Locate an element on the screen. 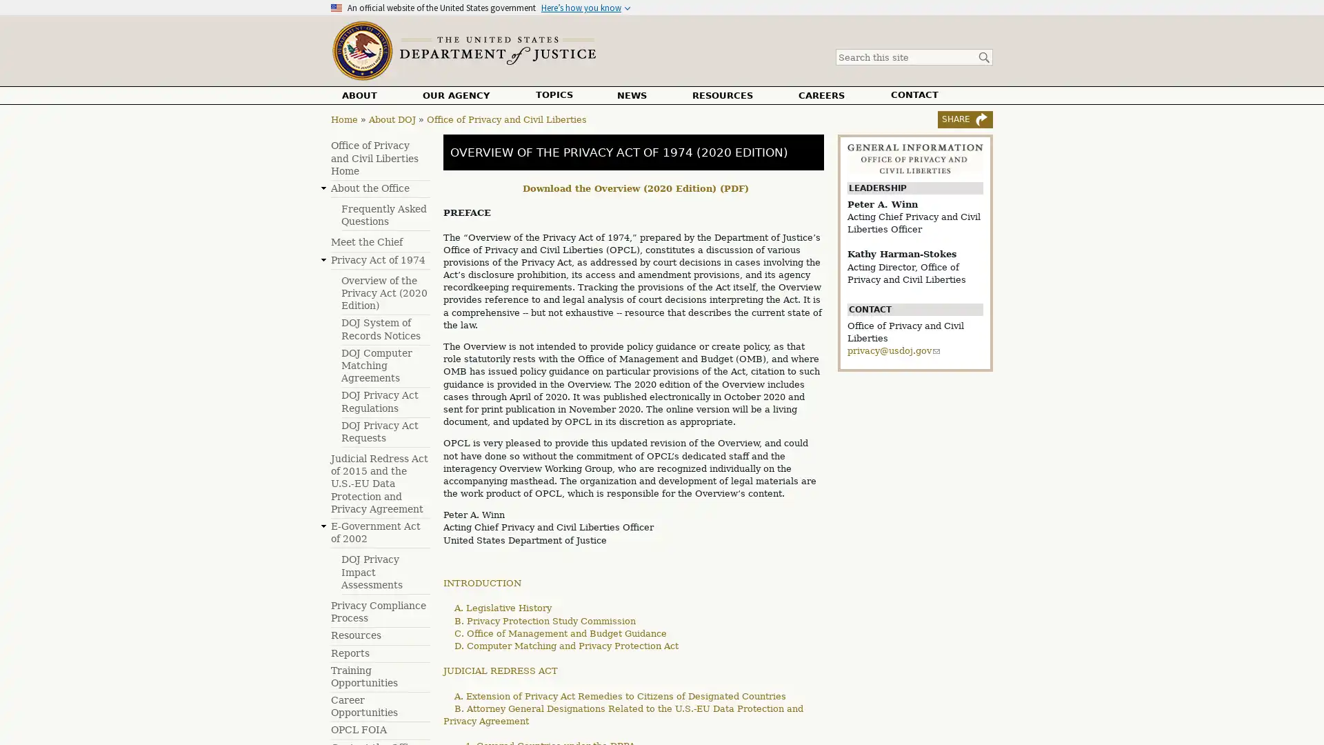 Image resolution: width=1324 pixels, height=745 pixels. Heres how you know is located at coordinates (585, 8).